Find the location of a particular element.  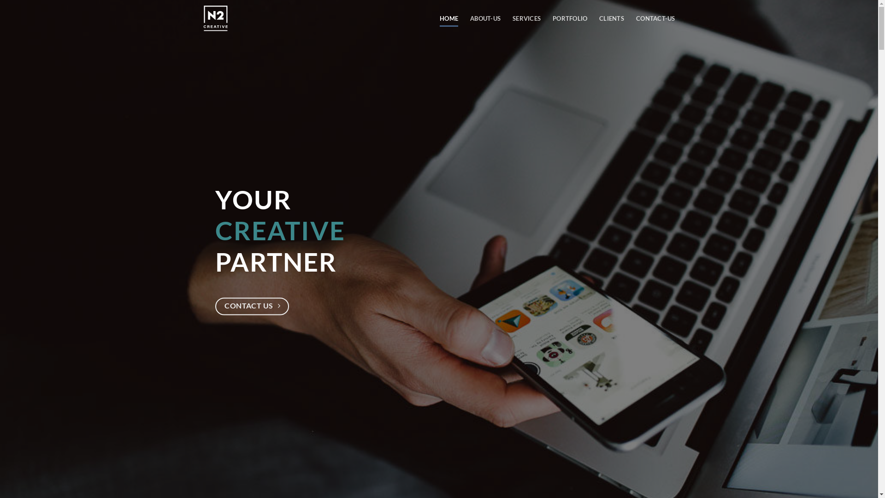

'Skip to content' is located at coordinates (0, 0).